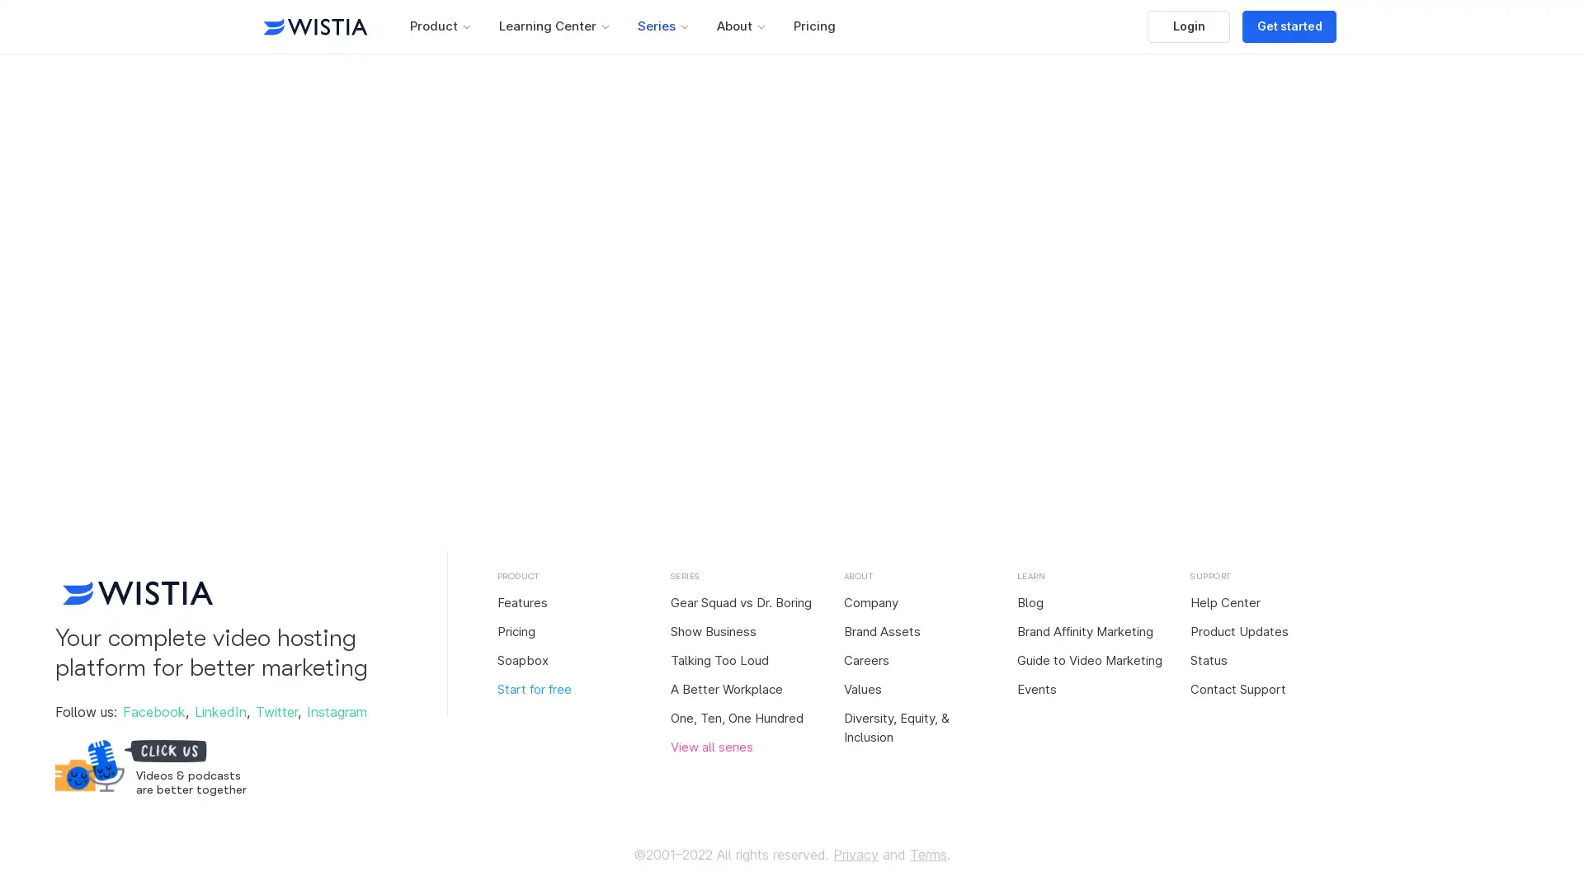 The height and width of the screenshot is (891, 1584). What do you see at coordinates (739, 26) in the screenshot?
I see `About` at bounding box center [739, 26].